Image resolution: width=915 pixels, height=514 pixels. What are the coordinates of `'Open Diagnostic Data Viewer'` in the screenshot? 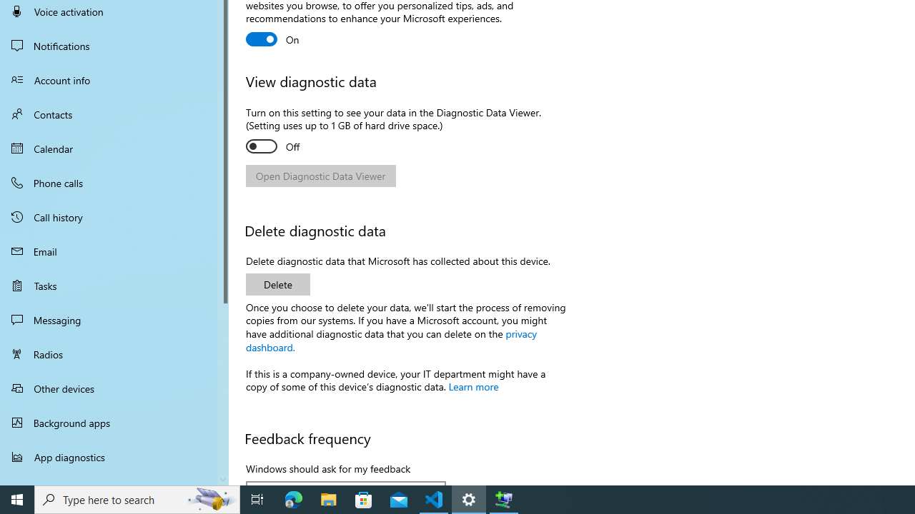 It's located at (320, 175).